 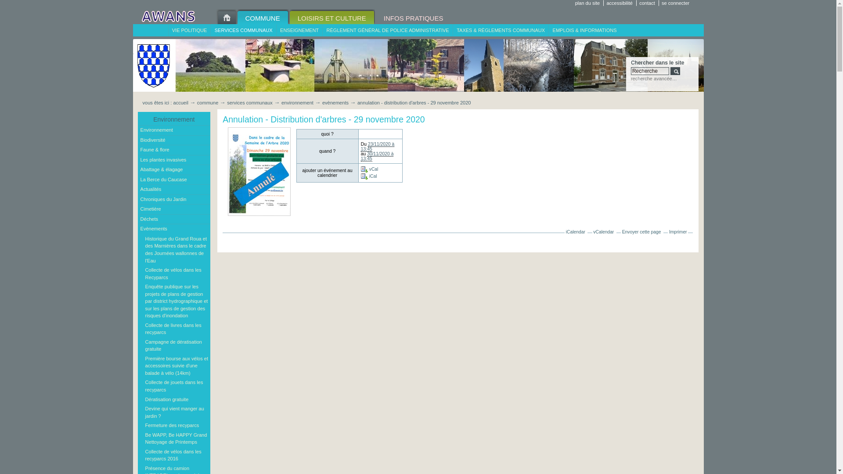 I want to click on 'vCalendar', so click(x=603, y=231).